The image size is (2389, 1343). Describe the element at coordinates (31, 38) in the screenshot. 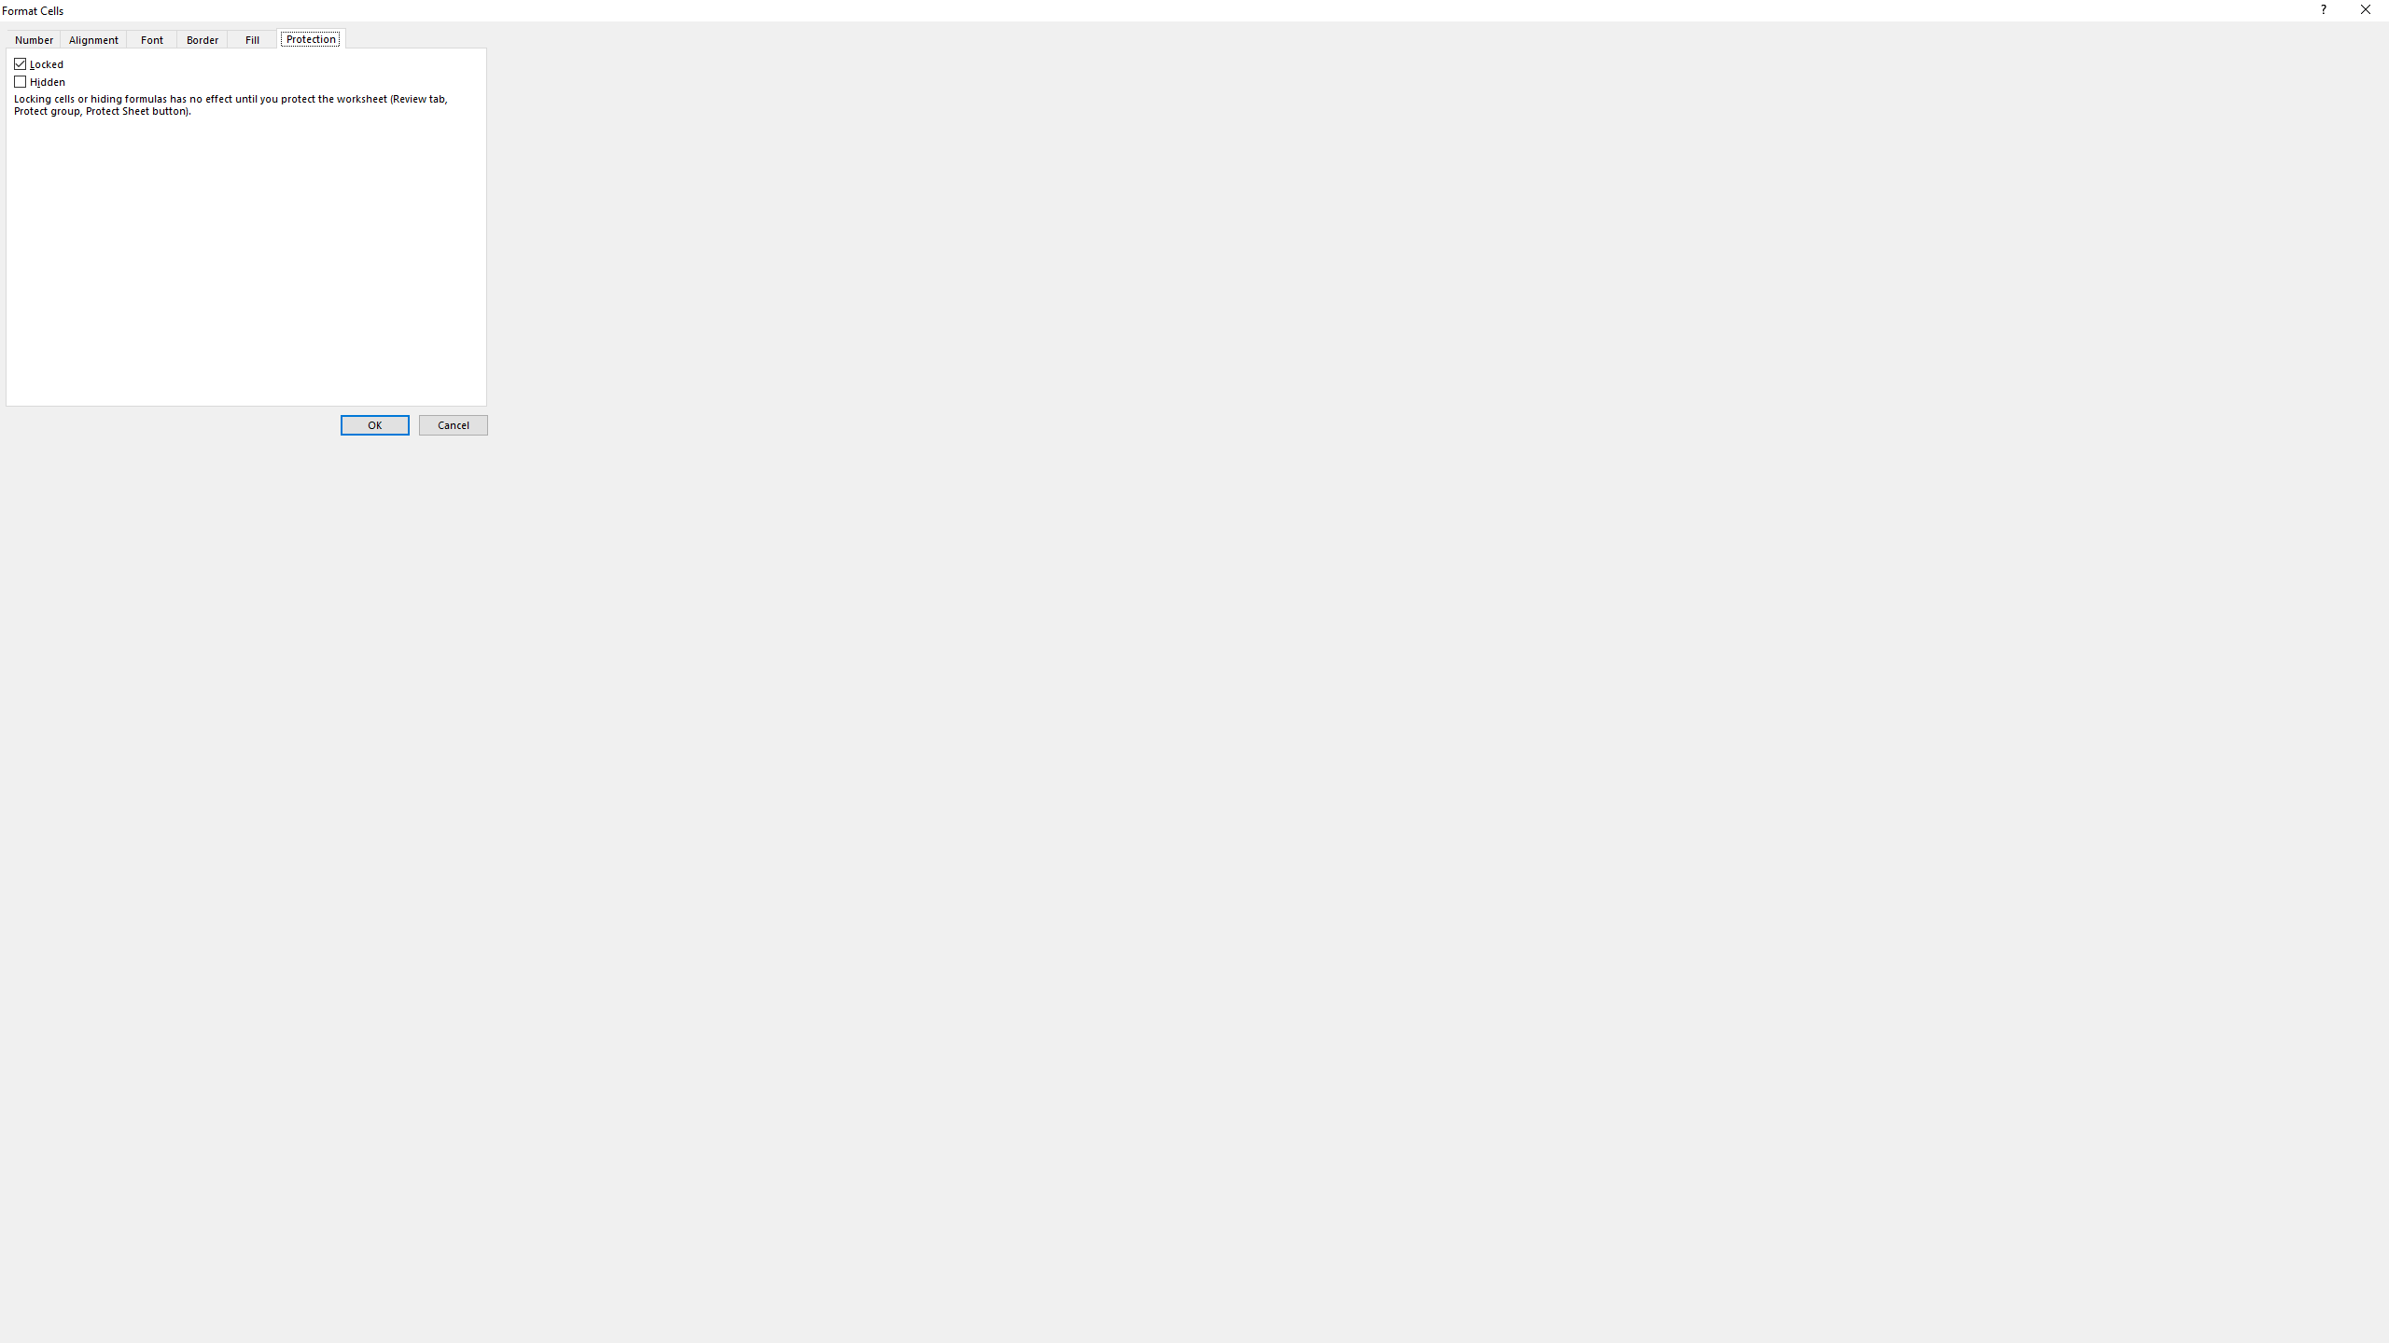

I see `'Number'` at that location.